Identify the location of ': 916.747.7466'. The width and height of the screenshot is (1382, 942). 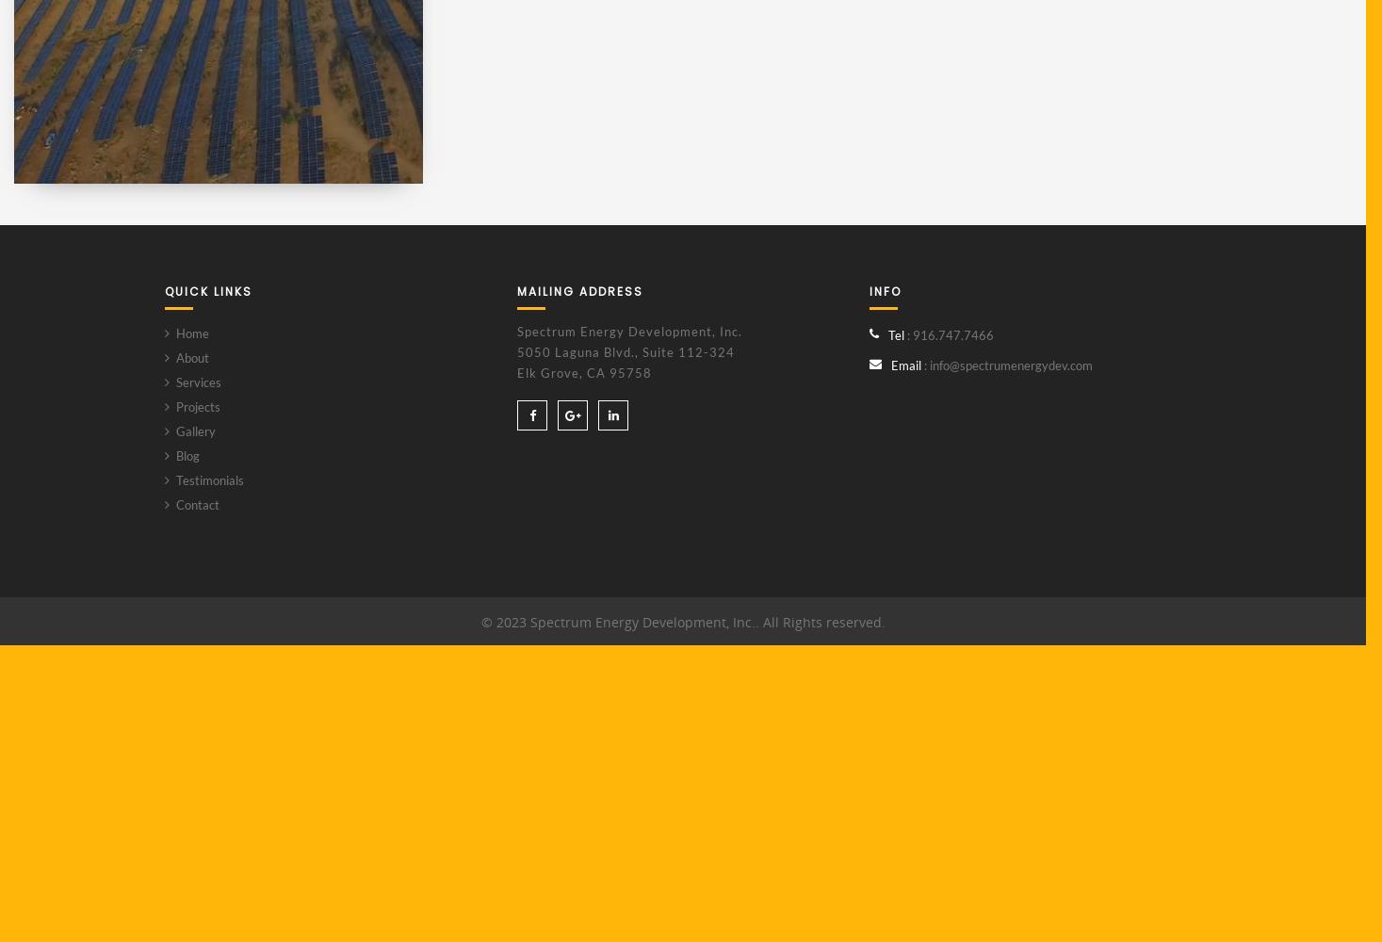
(951, 333).